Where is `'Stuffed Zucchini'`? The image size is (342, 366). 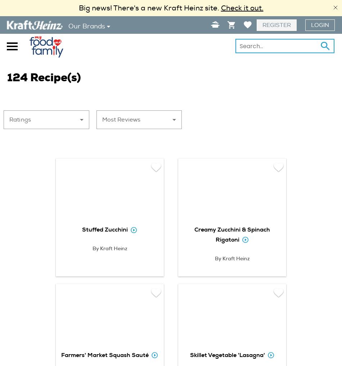 'Stuffed Zucchini' is located at coordinates (104, 229).